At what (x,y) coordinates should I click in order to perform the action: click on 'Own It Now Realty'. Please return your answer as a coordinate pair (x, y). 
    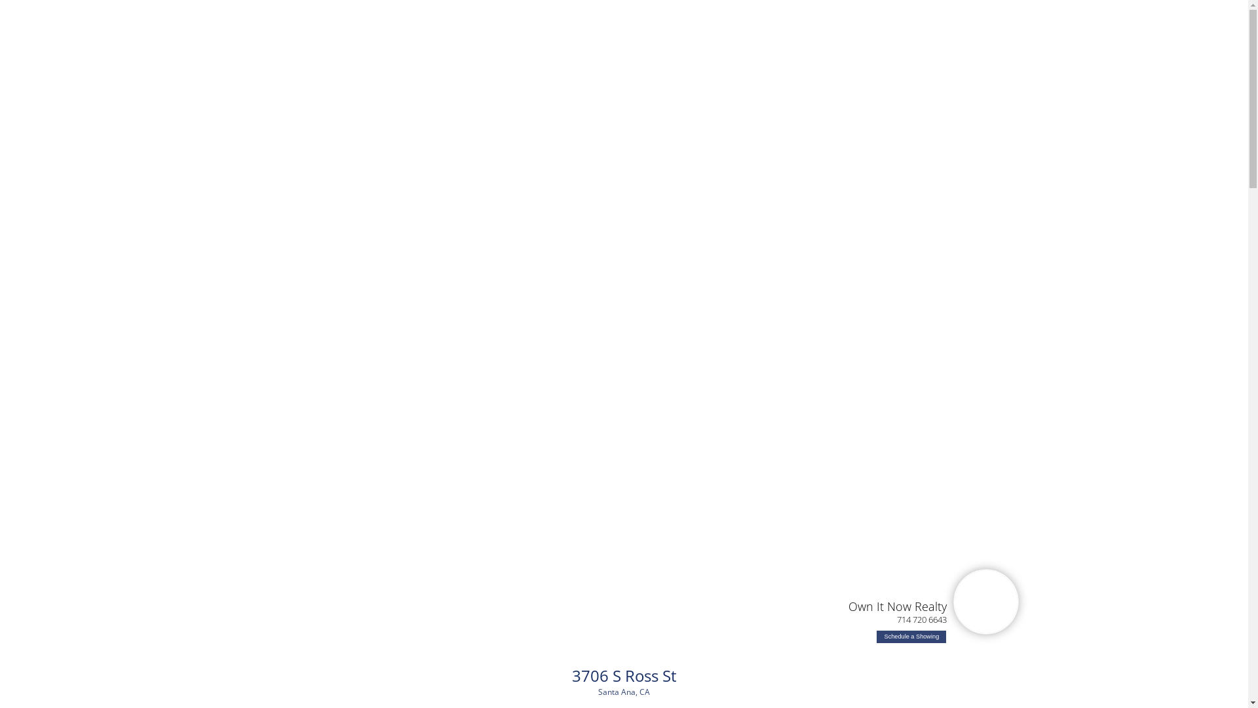
    Looking at the image, I should click on (896, 606).